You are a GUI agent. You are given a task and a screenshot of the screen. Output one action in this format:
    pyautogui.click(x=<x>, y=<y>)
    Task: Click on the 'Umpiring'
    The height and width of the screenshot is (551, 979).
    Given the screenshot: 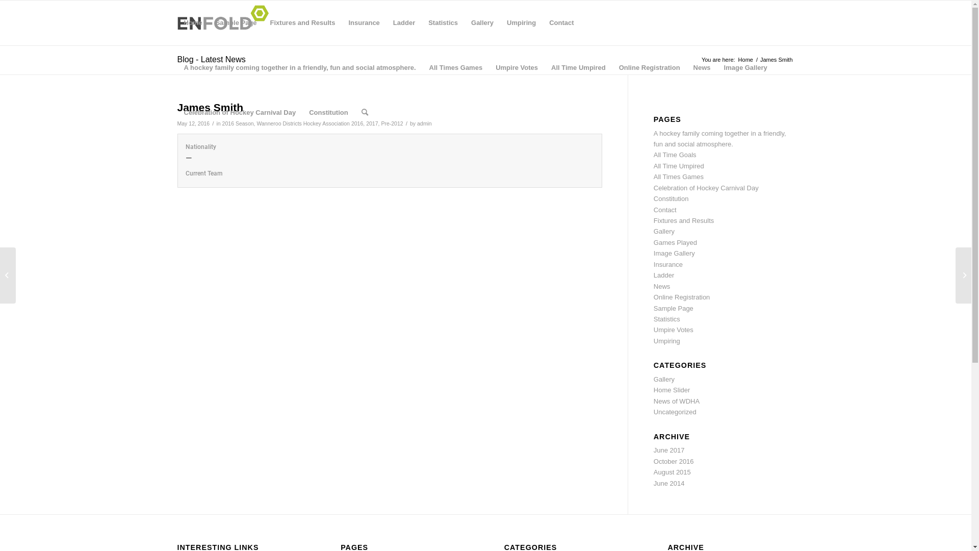 What is the action you would take?
    pyautogui.click(x=667, y=341)
    